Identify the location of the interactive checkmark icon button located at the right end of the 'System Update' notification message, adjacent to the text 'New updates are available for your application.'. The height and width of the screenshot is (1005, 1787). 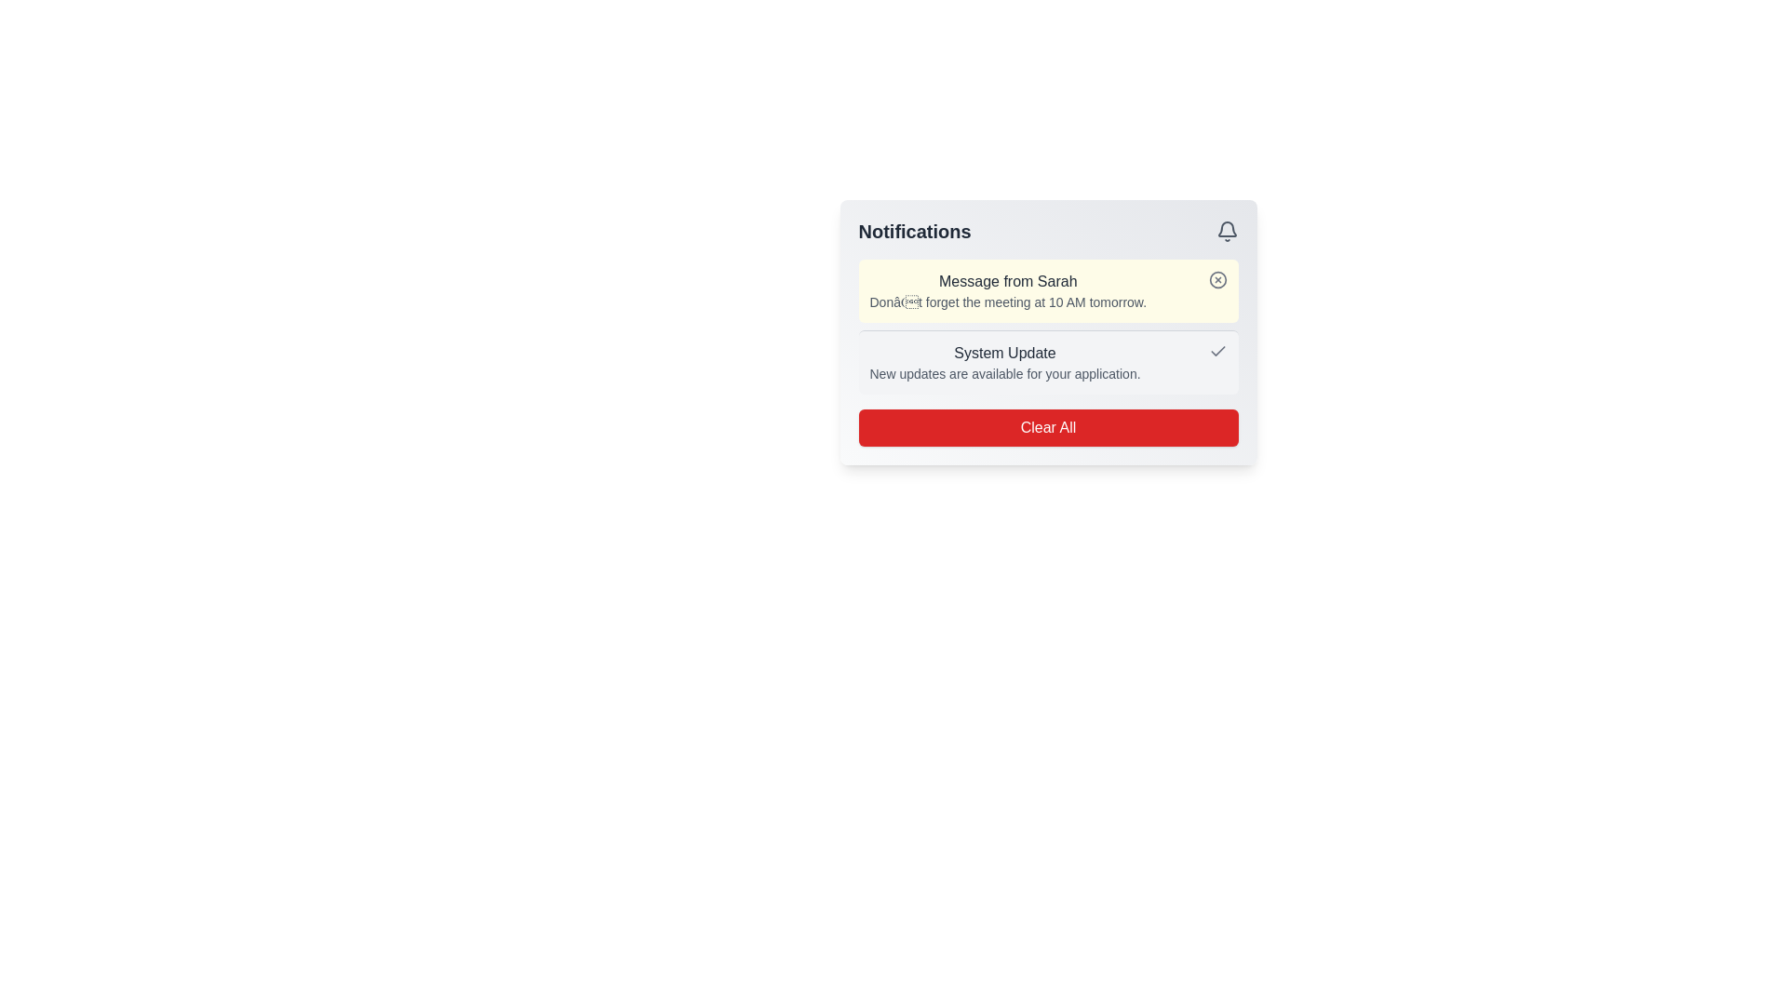
(1217, 352).